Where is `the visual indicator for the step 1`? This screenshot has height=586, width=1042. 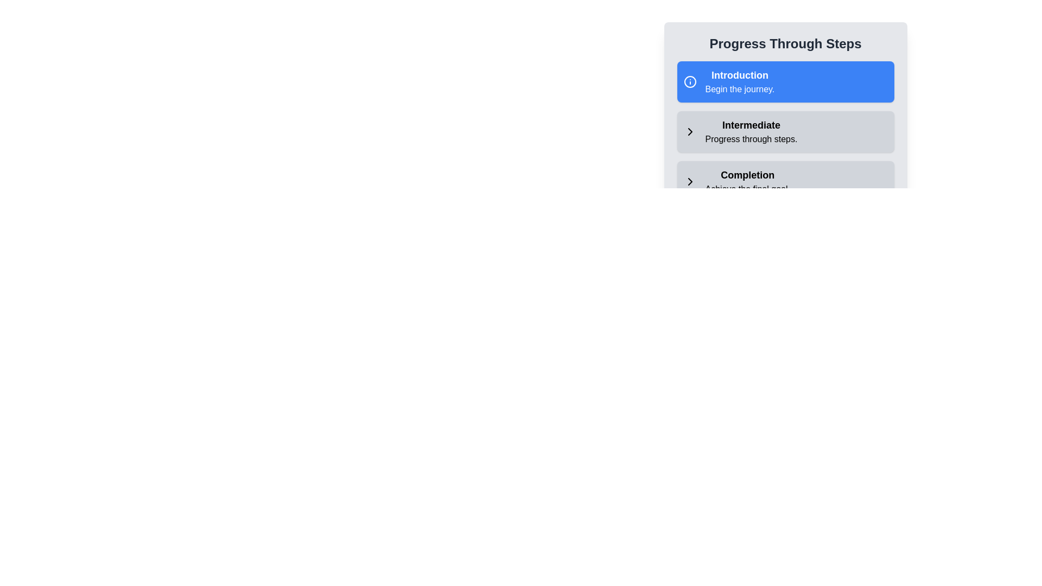 the visual indicator for the step 1 is located at coordinates (689, 81).